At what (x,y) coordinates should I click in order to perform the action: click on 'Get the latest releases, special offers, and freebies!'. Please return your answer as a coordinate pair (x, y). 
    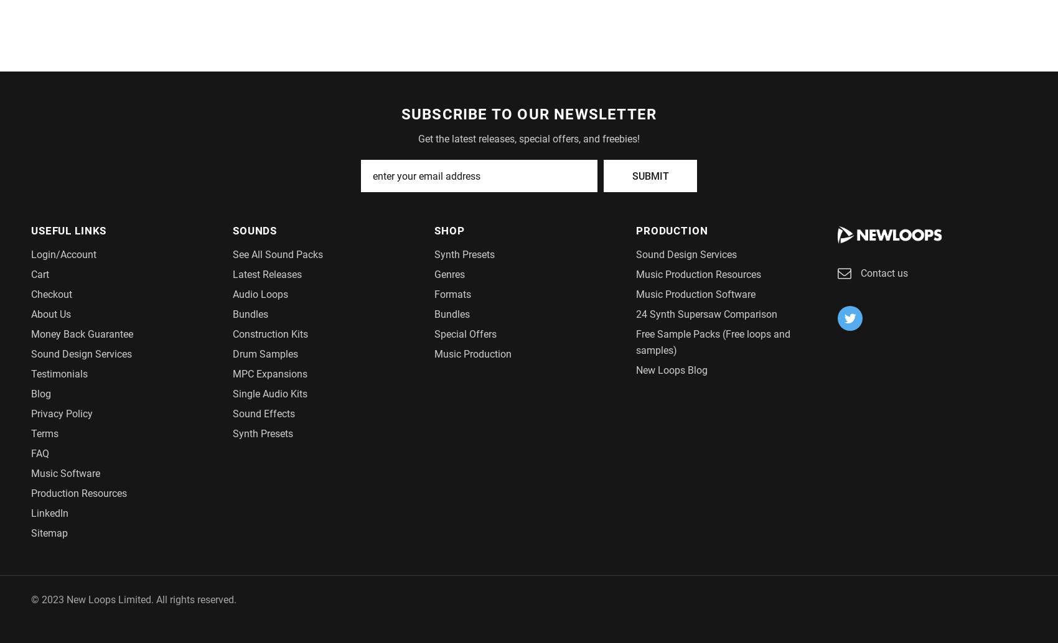
    Looking at the image, I should click on (529, 138).